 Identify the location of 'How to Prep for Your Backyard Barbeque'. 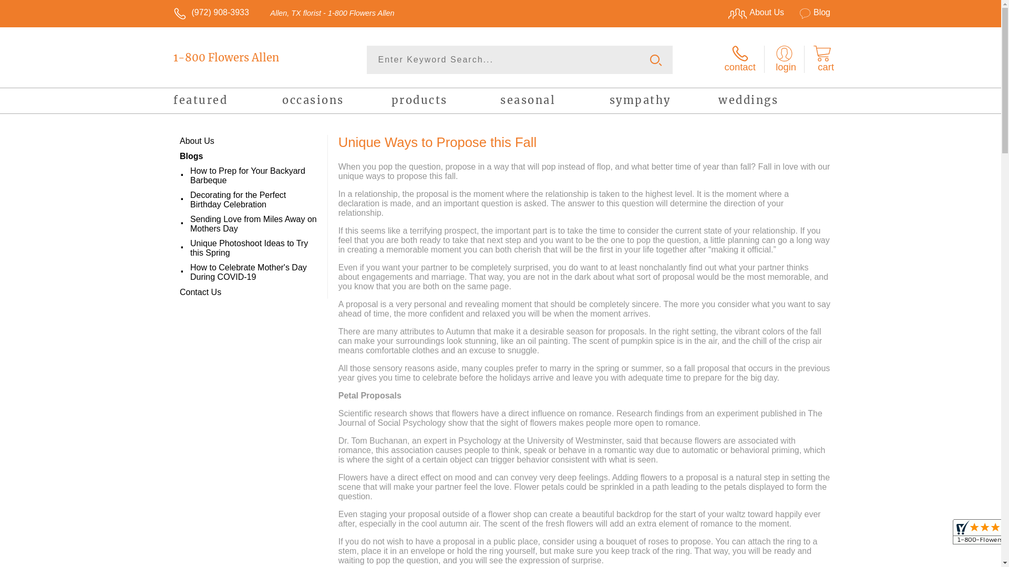
(254, 175).